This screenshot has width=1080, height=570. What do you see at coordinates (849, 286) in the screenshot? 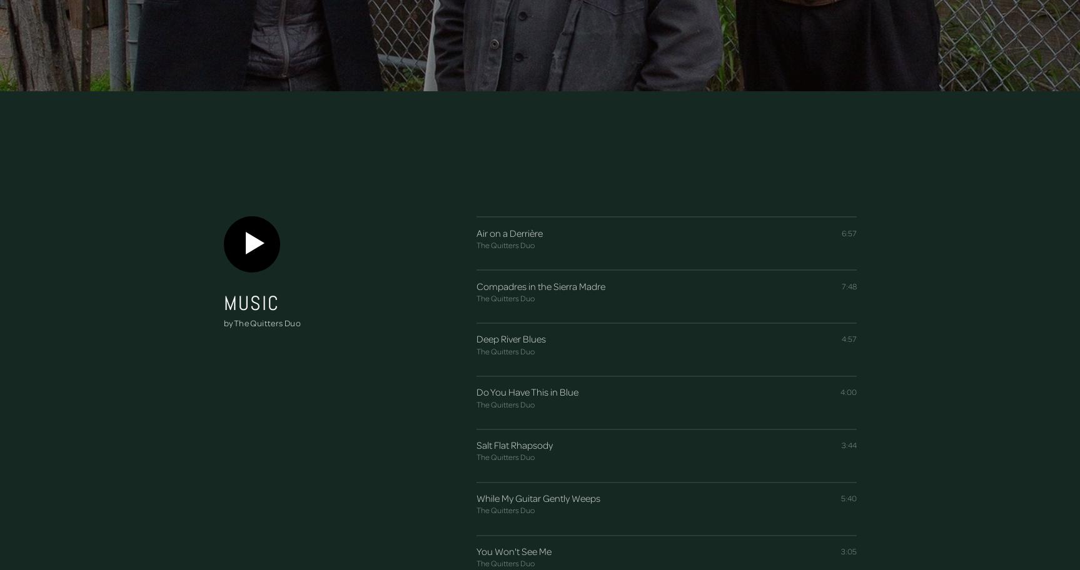
I see `'7:48'` at bounding box center [849, 286].